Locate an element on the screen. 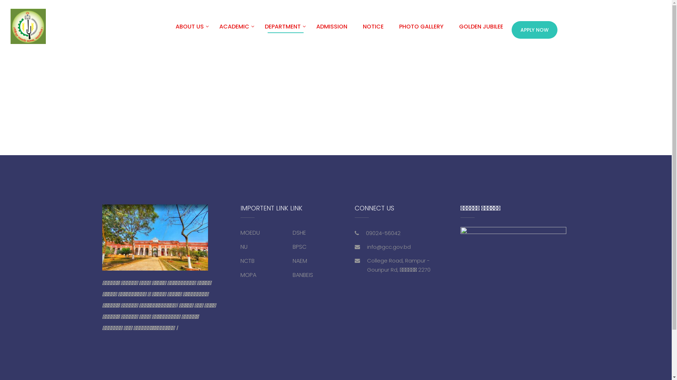 The image size is (677, 380). 'DEPARTMENT' is located at coordinates (257, 29).